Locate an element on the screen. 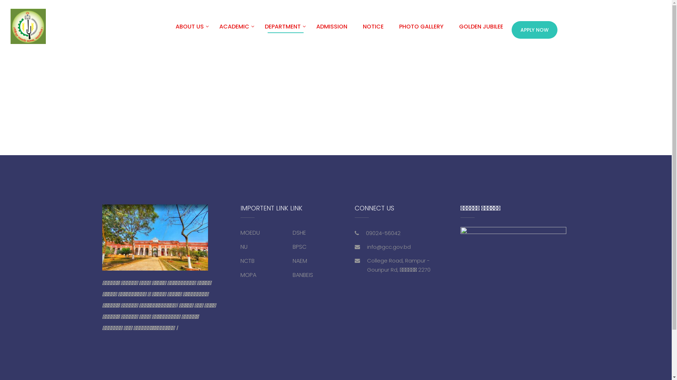 The image size is (677, 380). 'DEPARTMENT' is located at coordinates (257, 29).